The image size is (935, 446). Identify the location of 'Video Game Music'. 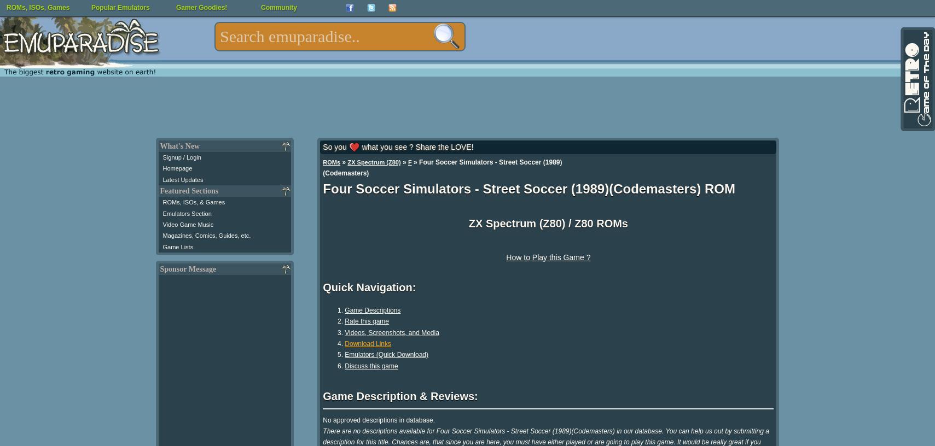
(187, 224).